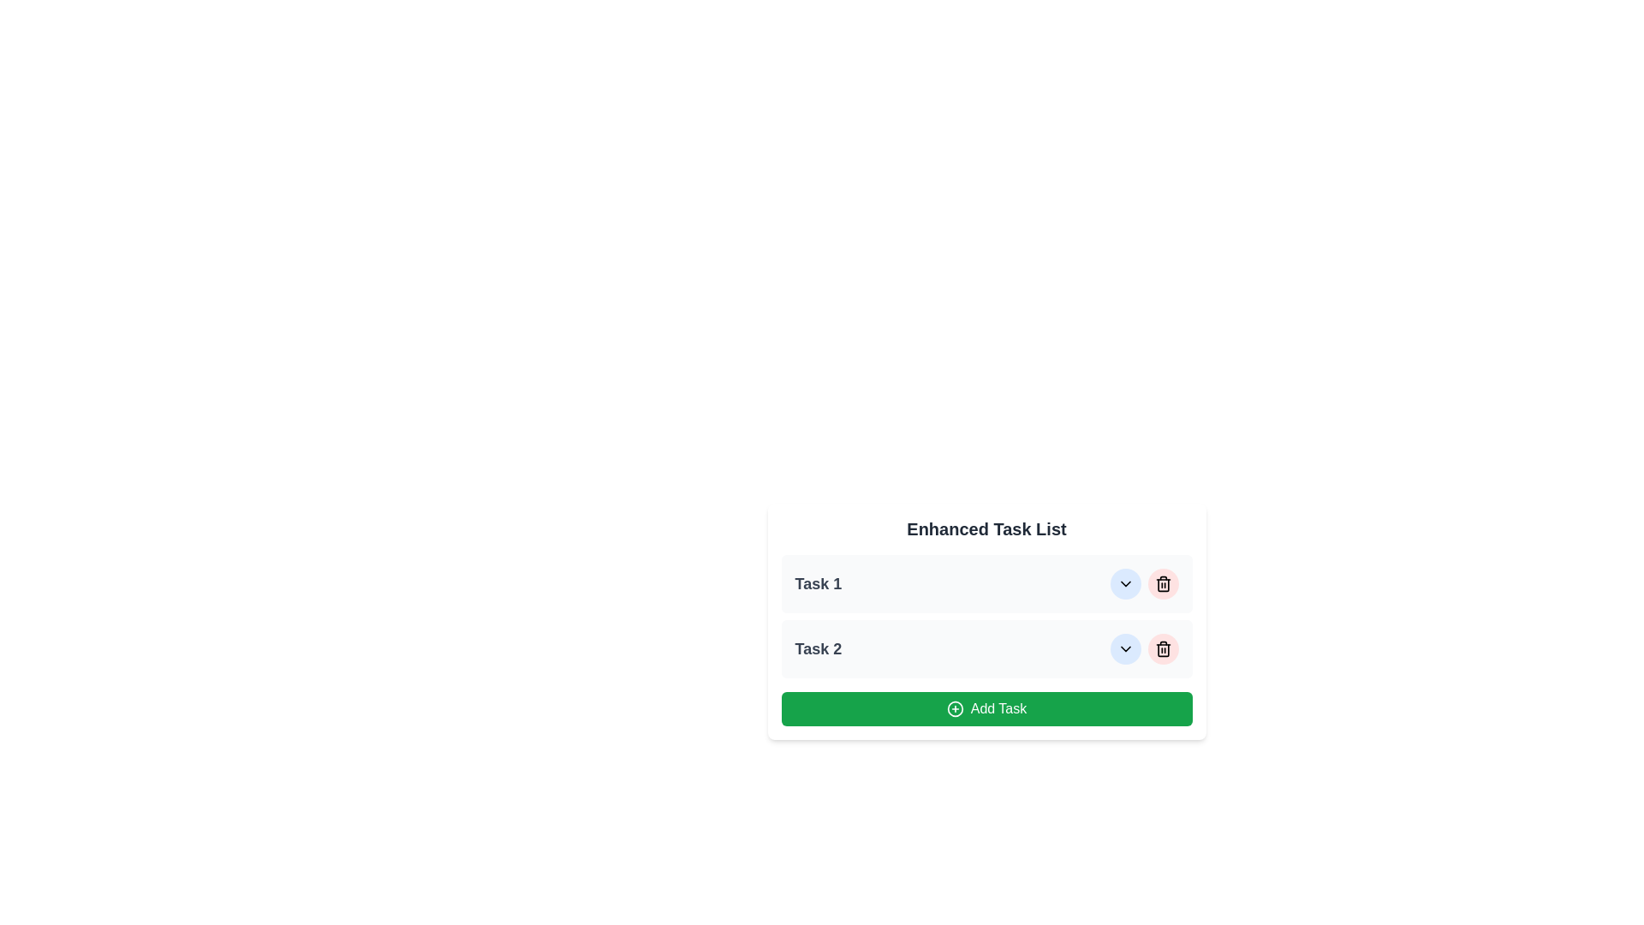 This screenshot has width=1644, height=925. What do you see at coordinates (954, 709) in the screenshot?
I see `the circular decorative shape located at the center of the 'Add Task' button, which is defined by a thin line and has no interior color` at bounding box center [954, 709].